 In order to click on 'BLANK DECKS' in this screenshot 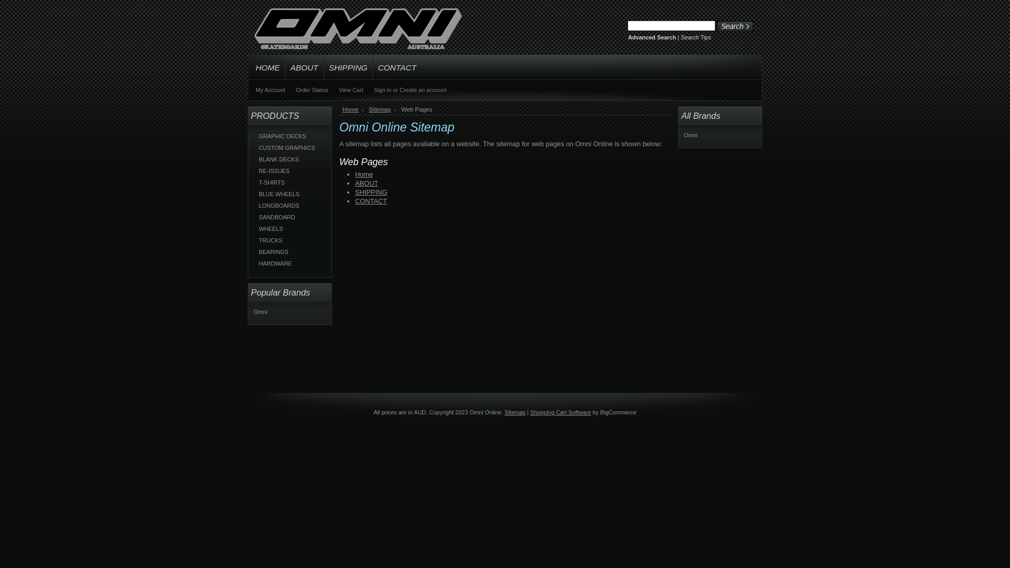, I will do `click(290, 159)`.